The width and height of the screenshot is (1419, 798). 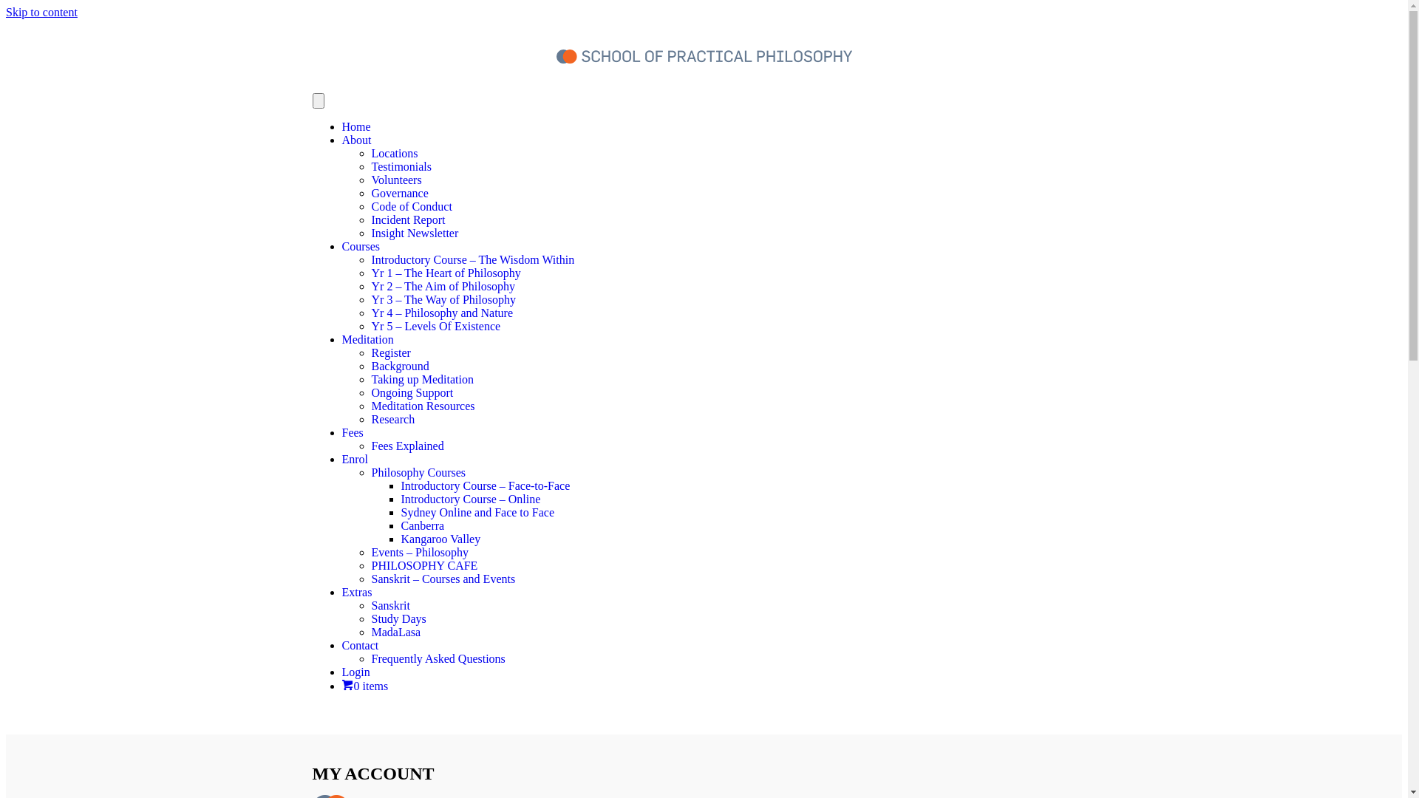 What do you see at coordinates (340, 339) in the screenshot?
I see `'Meditation'` at bounding box center [340, 339].